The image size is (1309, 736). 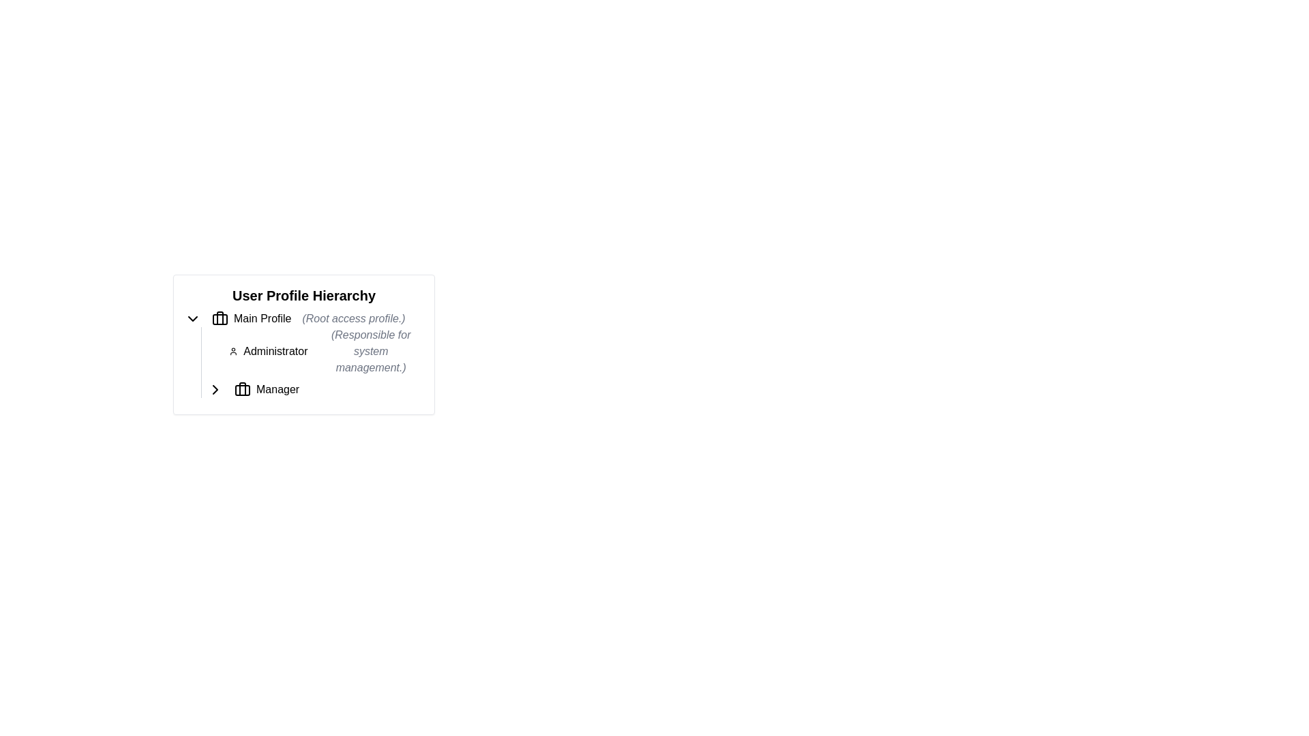 I want to click on label 'Main Profile' and its description '(Root access profile.)' for informational purposes from the first item in the 'User Profile Hierarchy' list, so click(x=303, y=318).